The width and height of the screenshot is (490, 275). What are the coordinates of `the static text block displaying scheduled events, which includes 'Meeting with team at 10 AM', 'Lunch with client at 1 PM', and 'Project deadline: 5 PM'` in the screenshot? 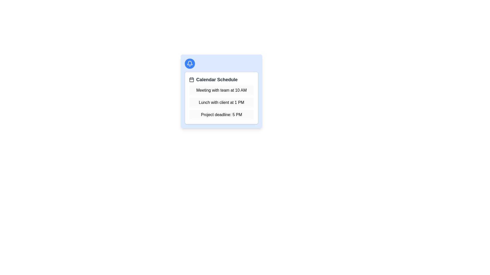 It's located at (222, 102).